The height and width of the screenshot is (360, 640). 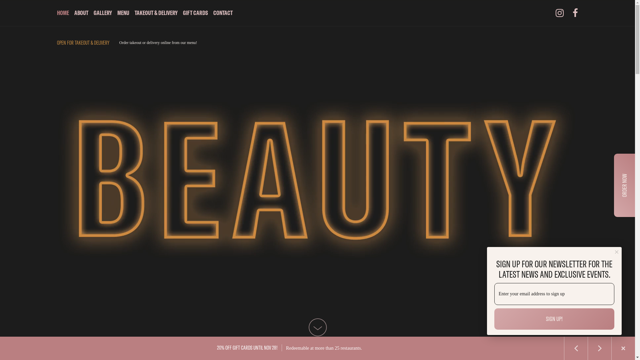 I want to click on 'ABOUT', so click(x=81, y=13).